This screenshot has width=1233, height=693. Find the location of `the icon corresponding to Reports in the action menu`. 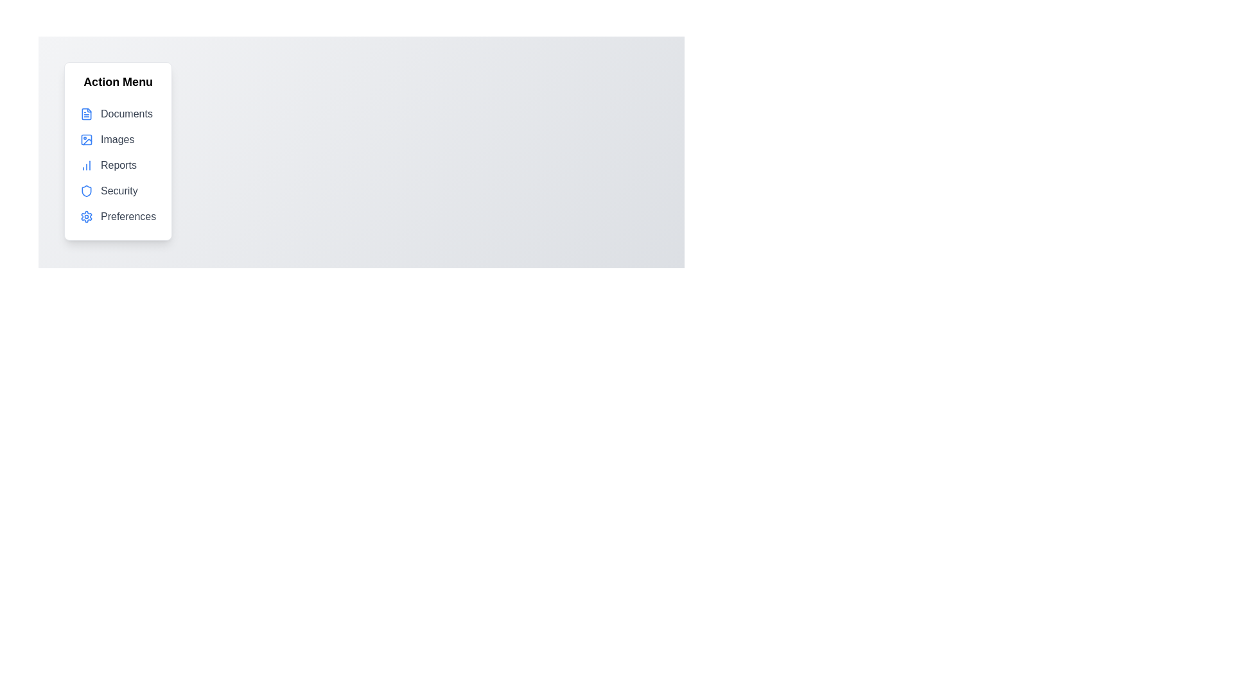

the icon corresponding to Reports in the action menu is located at coordinates (85, 165).